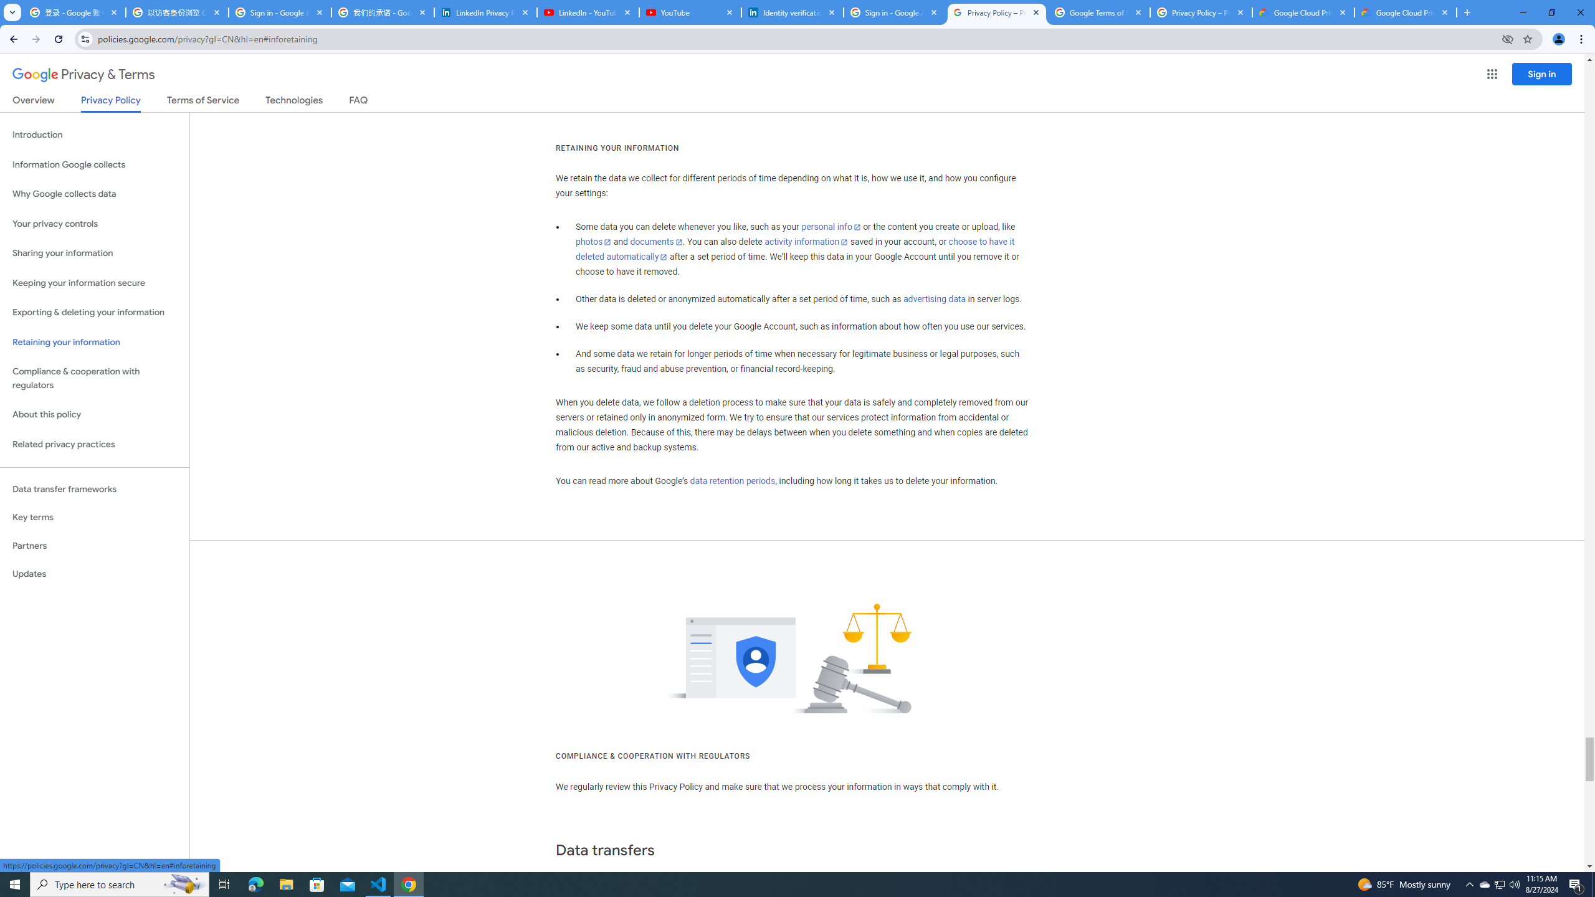 The image size is (1595, 897). What do you see at coordinates (794, 250) in the screenshot?
I see `'choose to have it deleted automatically'` at bounding box center [794, 250].